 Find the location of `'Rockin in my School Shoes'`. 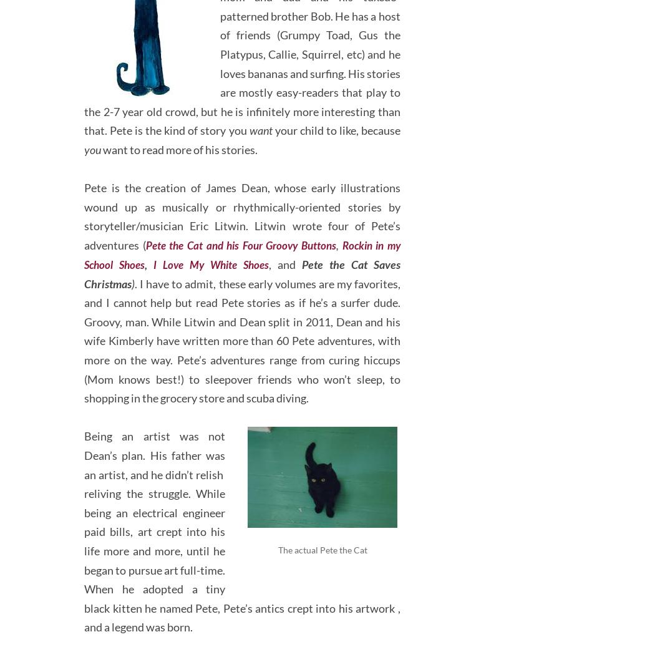

'Rockin in my School Shoes' is located at coordinates (242, 247).